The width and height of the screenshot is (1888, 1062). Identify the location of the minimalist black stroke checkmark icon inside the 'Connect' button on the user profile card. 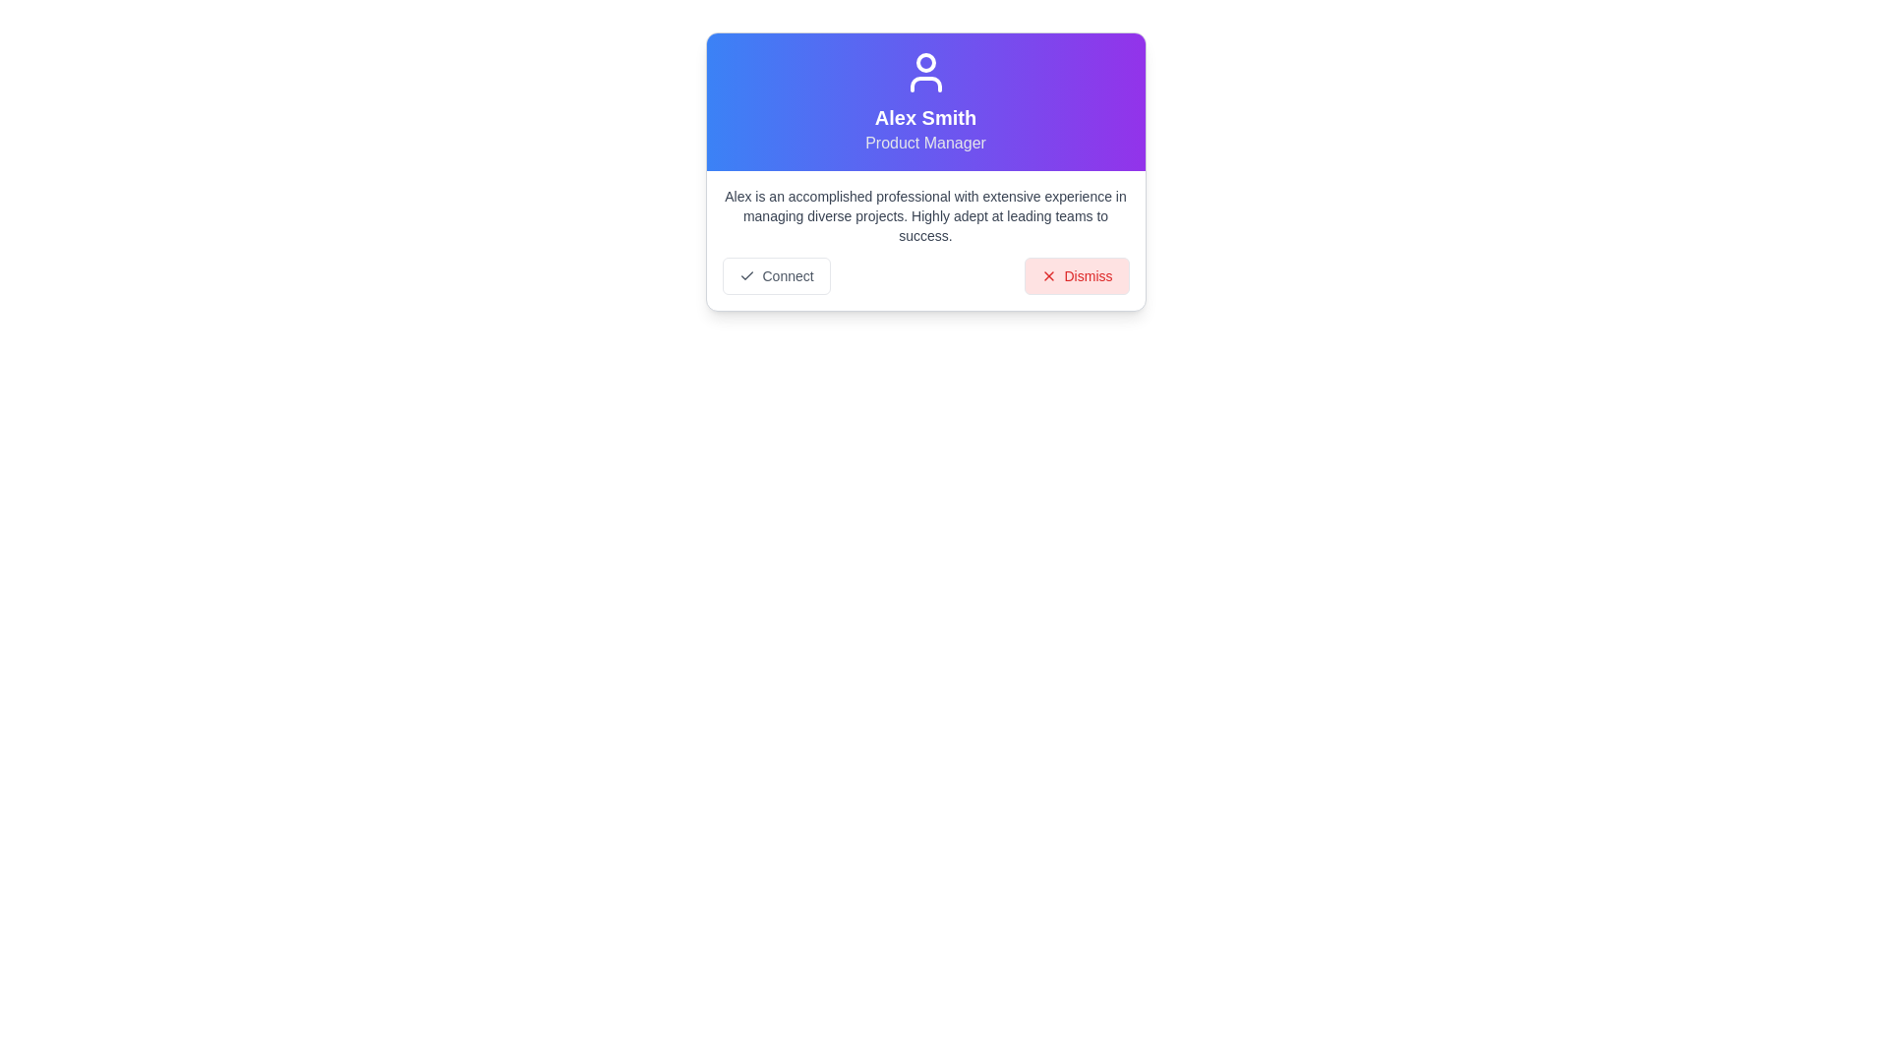
(745, 276).